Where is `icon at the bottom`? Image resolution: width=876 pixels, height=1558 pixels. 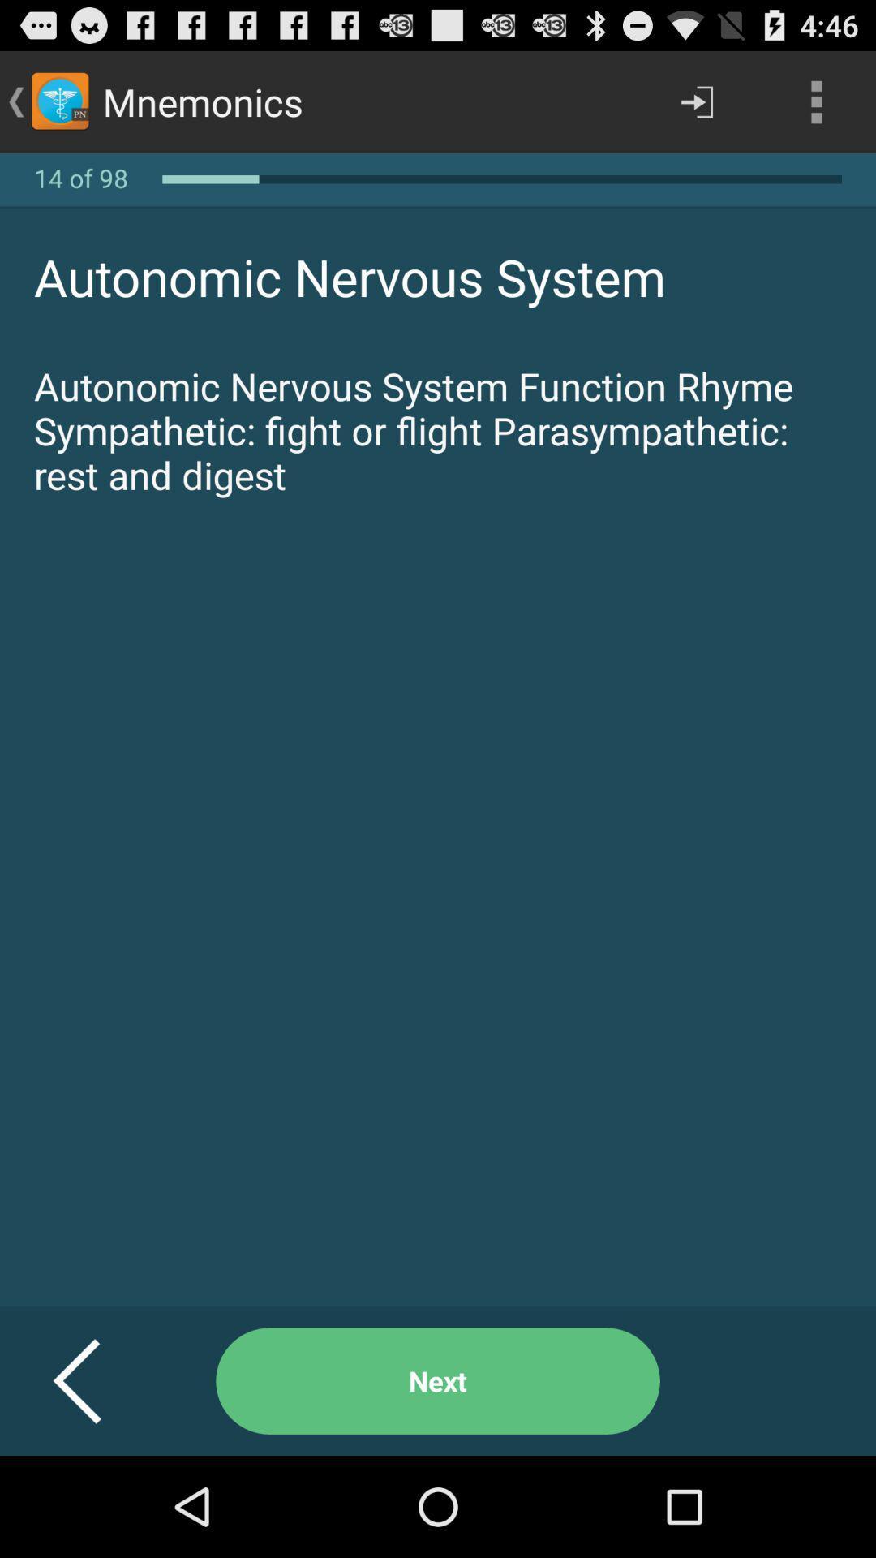
icon at the bottom is located at coordinates (438, 1380).